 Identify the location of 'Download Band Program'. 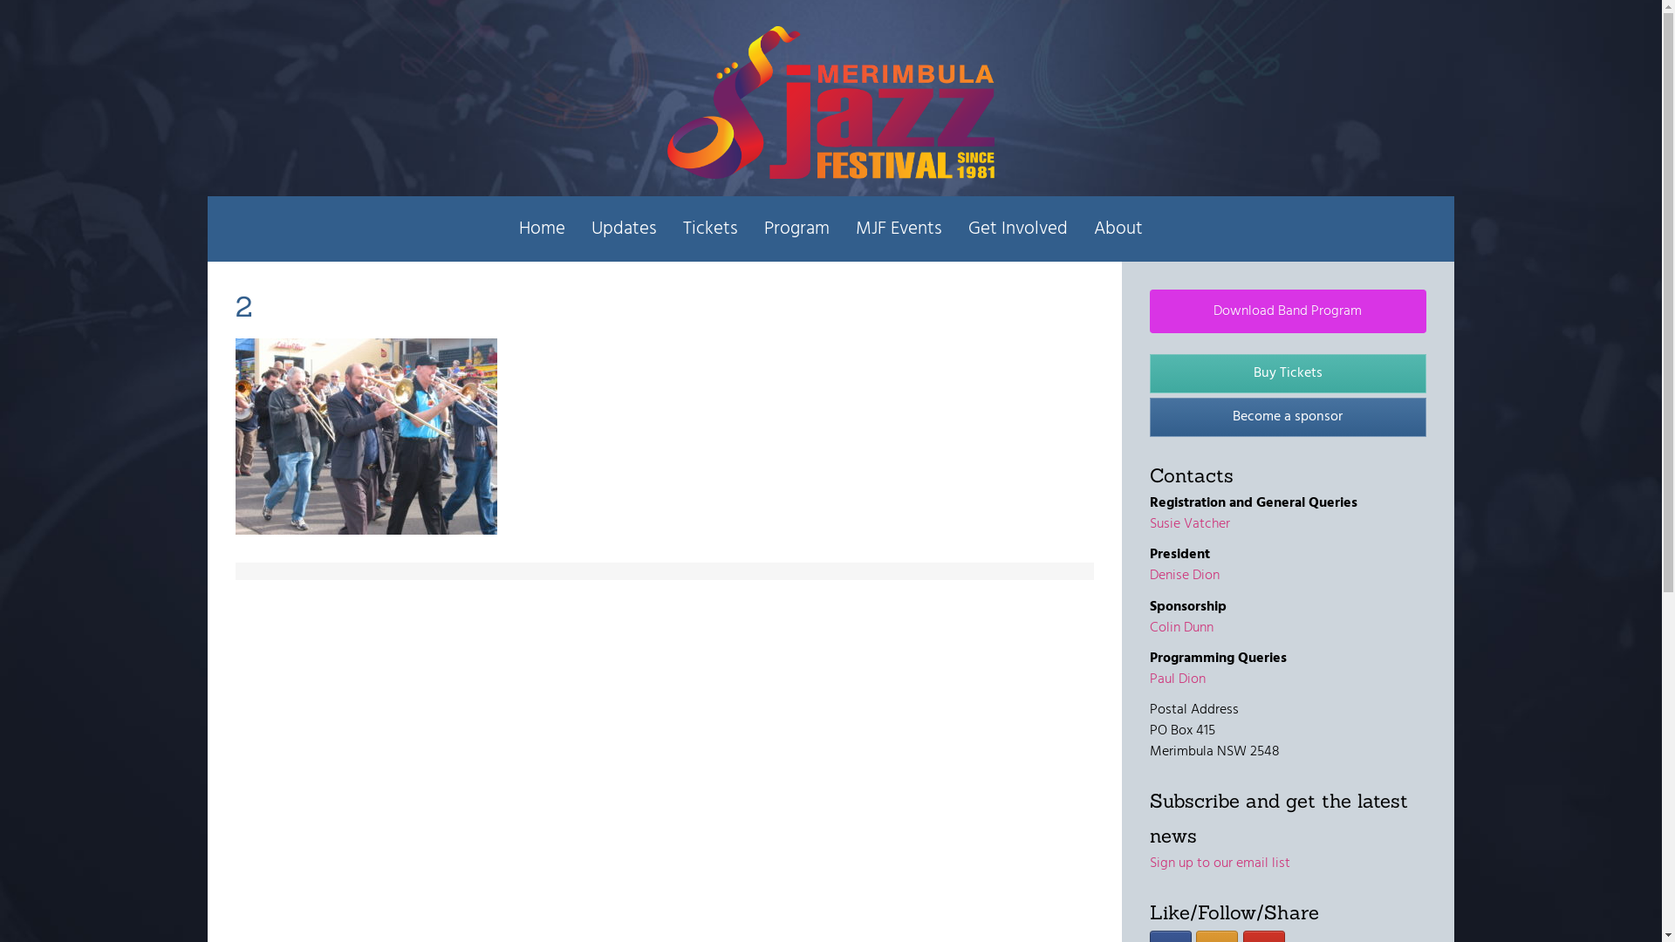
(1288, 311).